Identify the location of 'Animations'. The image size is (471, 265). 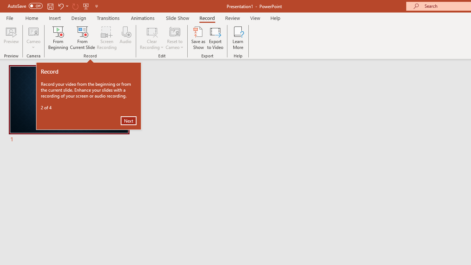
(143, 18).